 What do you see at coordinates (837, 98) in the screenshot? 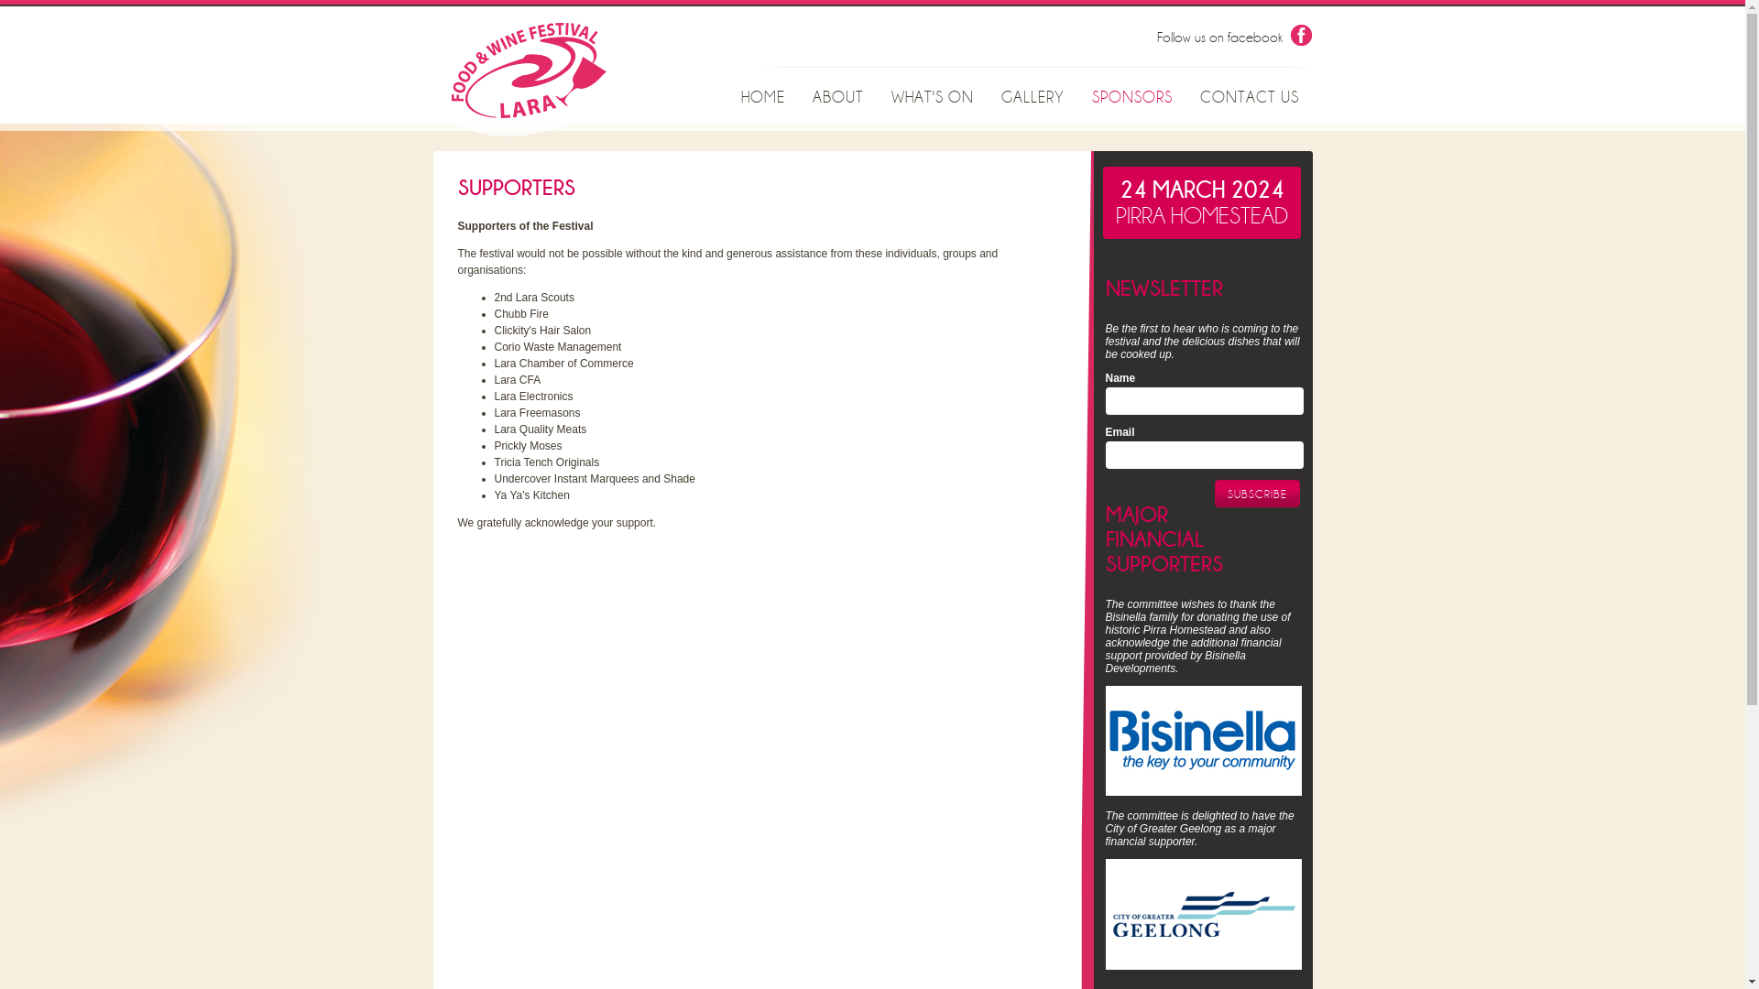
I see `'ABOUT'` at bounding box center [837, 98].